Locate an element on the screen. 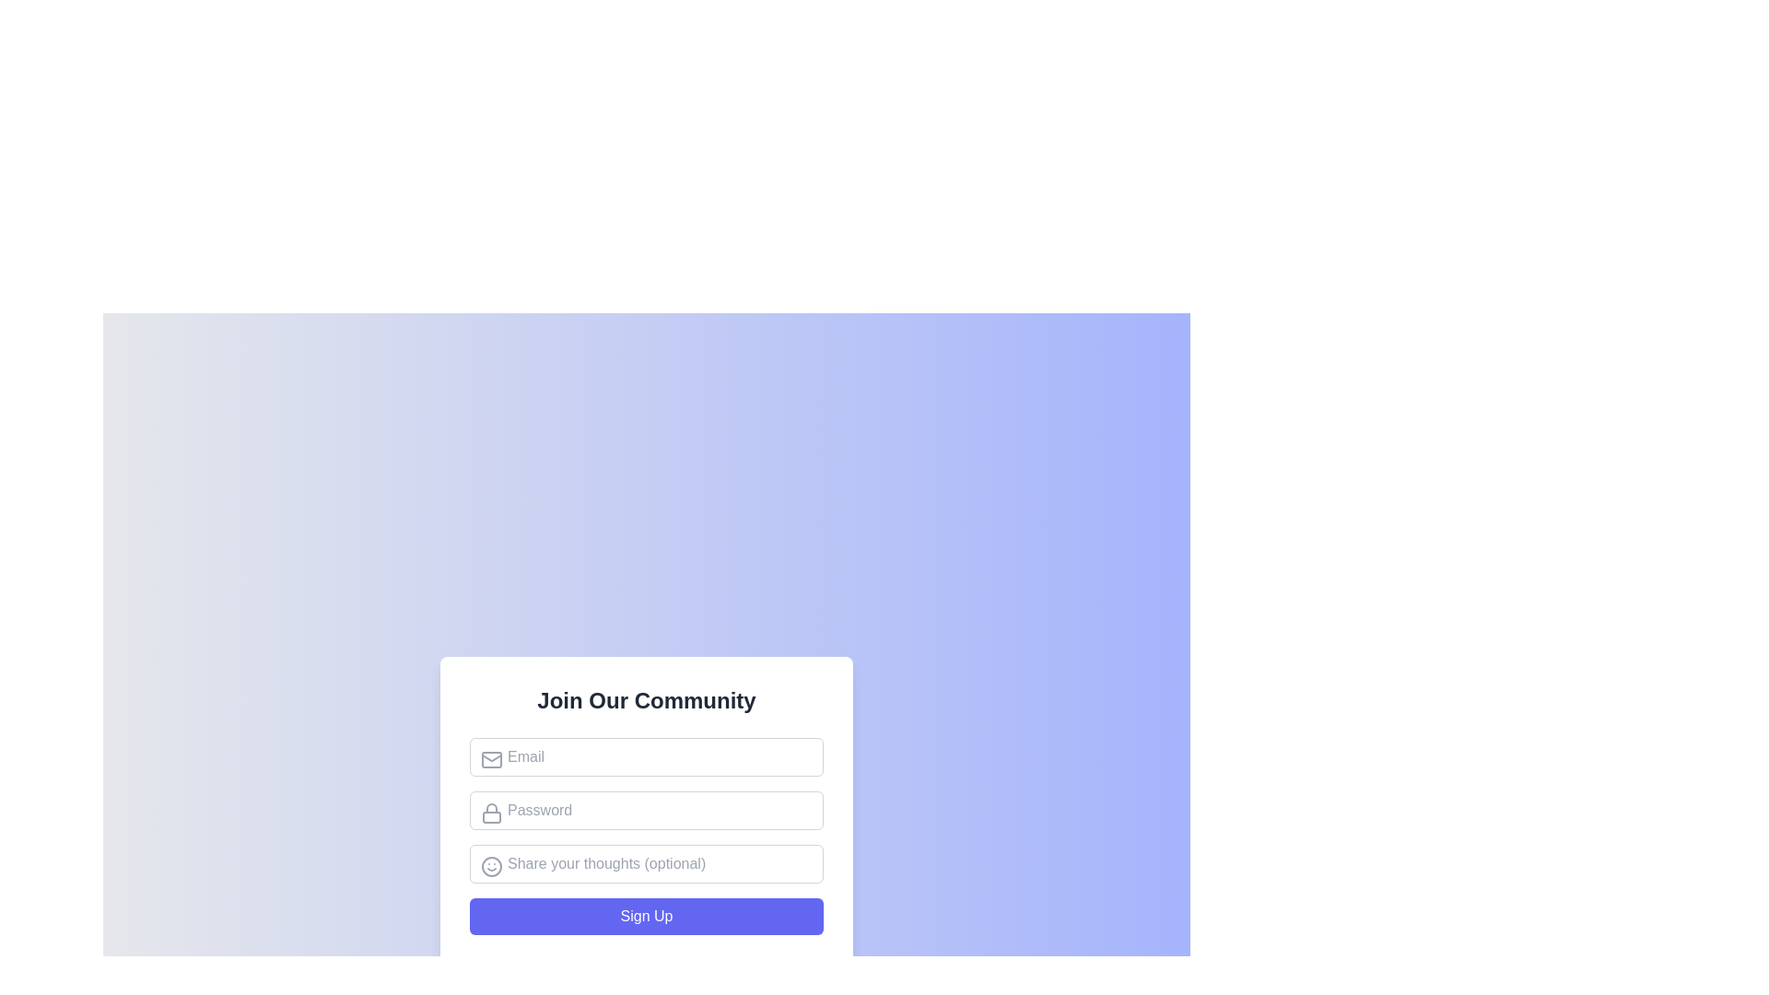  the input fields within the user registration form located under the 'Join Our Community' heading to focus on them is located at coordinates (646, 836).